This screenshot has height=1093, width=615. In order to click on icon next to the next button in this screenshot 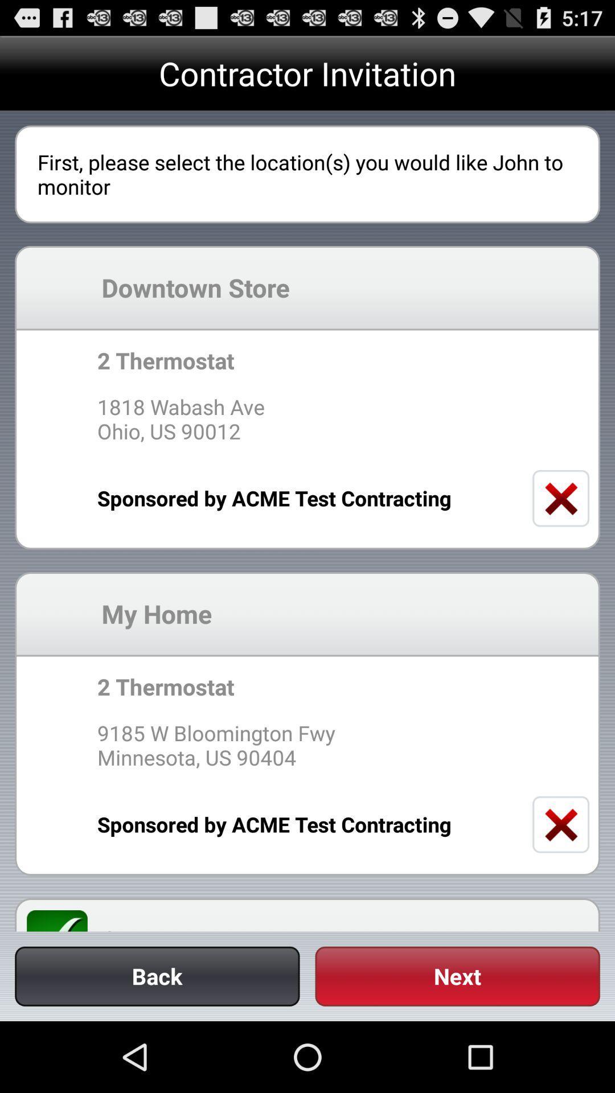, I will do `click(157, 976)`.